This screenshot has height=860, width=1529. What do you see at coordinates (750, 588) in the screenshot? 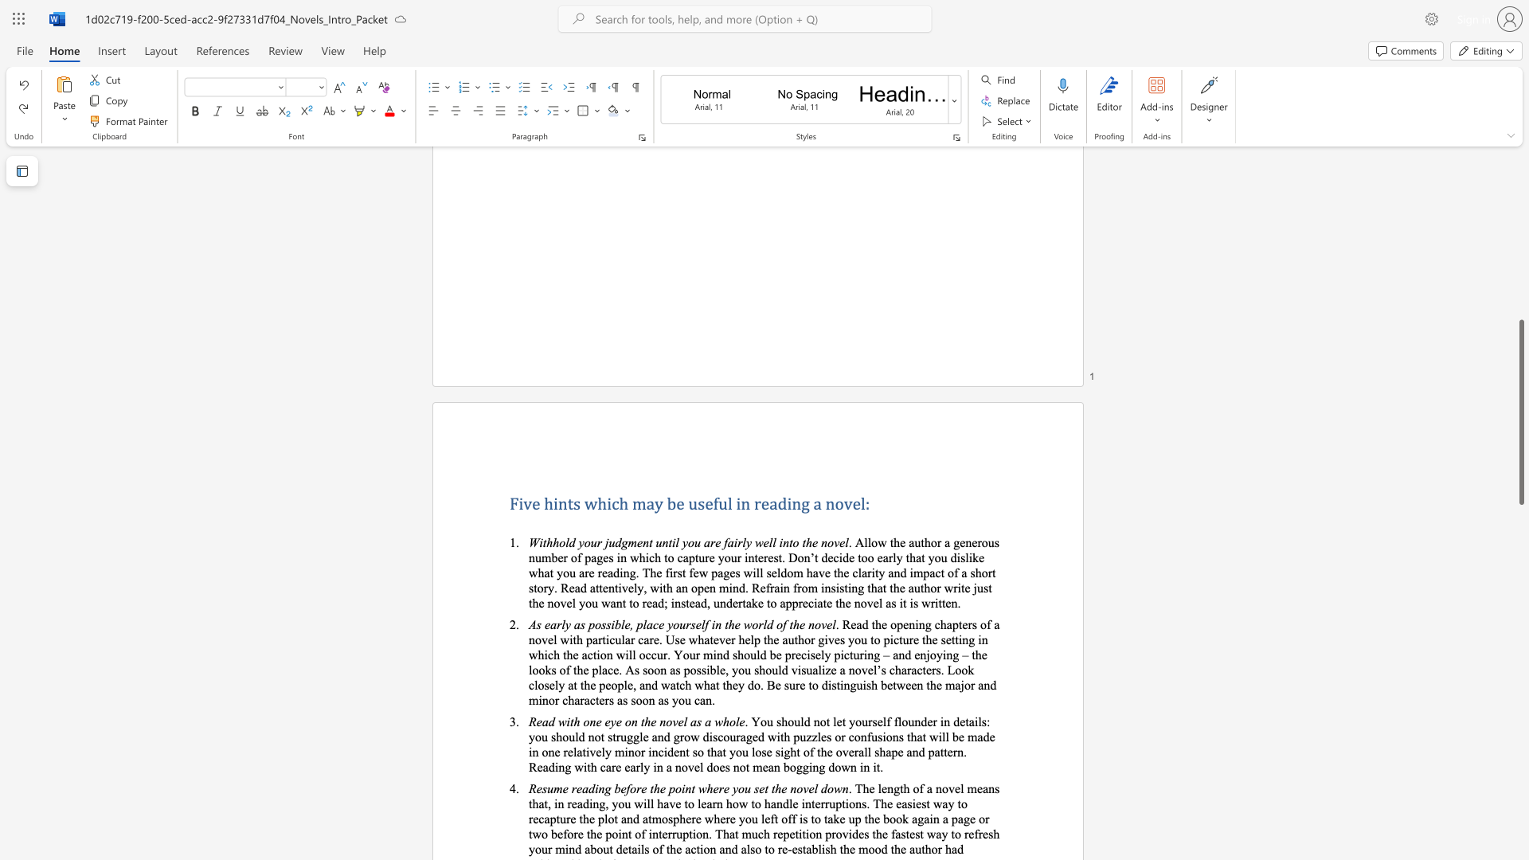
I see `the subset text "Refrain from insisting that the author write just the novel you w" within the text ". Allow the author a generous number of pages in which to capture your interest. Don’t decide too early that you dislike what you are reading. The first few pages will seldom have the clarity and impact of a short story. Read attentively, with an open mind. Refrain from insisting that the author write just the novel you want to read; instead, undertake to appreciate the novel as it is written."` at bounding box center [750, 588].